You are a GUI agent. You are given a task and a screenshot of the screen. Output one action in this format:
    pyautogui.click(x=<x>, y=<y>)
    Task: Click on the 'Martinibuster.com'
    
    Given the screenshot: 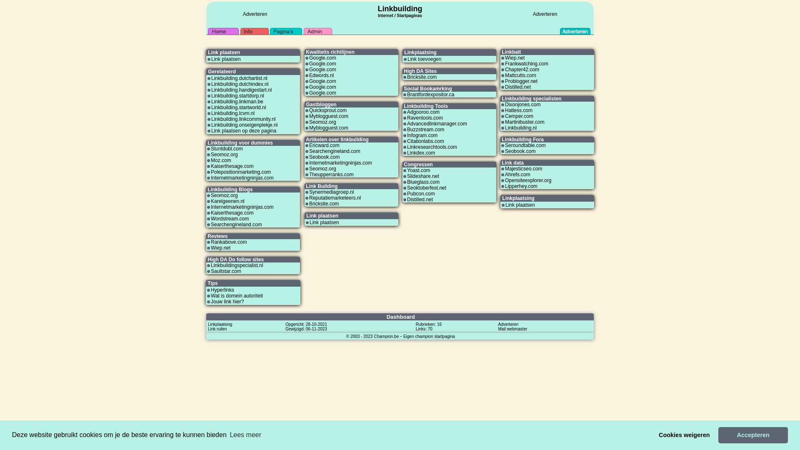 What is the action you would take?
    pyautogui.click(x=524, y=122)
    